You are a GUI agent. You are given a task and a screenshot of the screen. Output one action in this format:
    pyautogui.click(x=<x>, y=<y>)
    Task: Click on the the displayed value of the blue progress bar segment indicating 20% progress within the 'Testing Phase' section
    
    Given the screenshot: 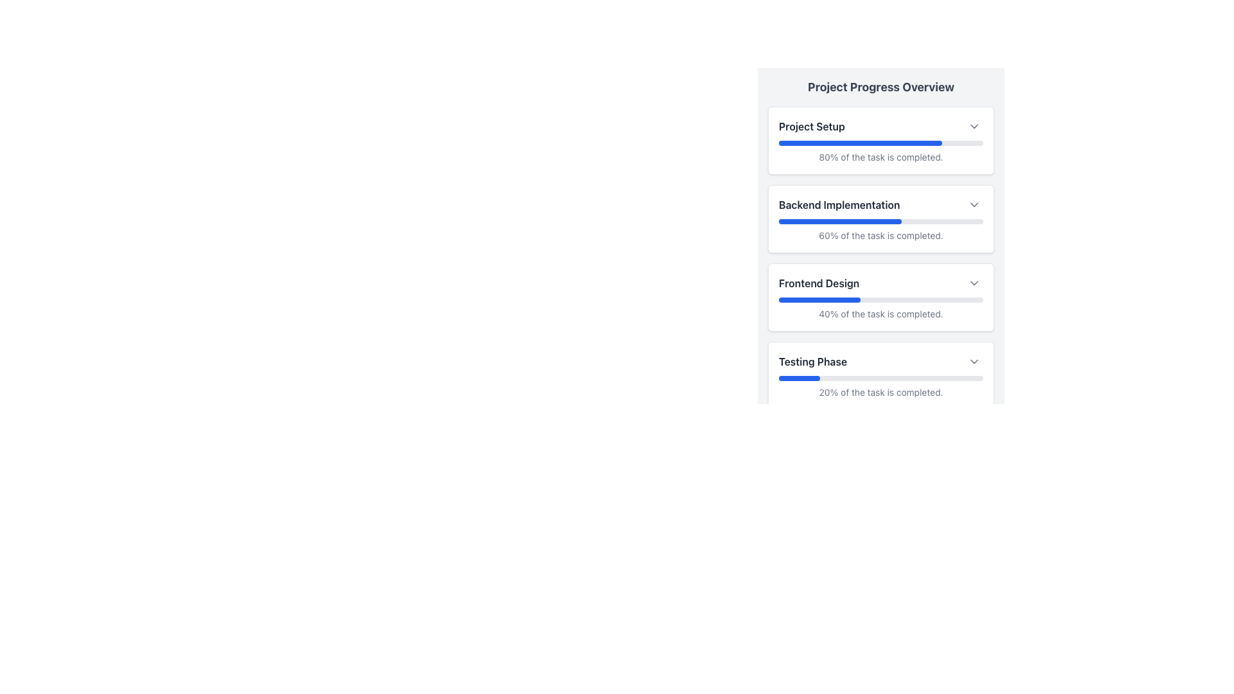 What is the action you would take?
    pyautogui.click(x=798, y=378)
    